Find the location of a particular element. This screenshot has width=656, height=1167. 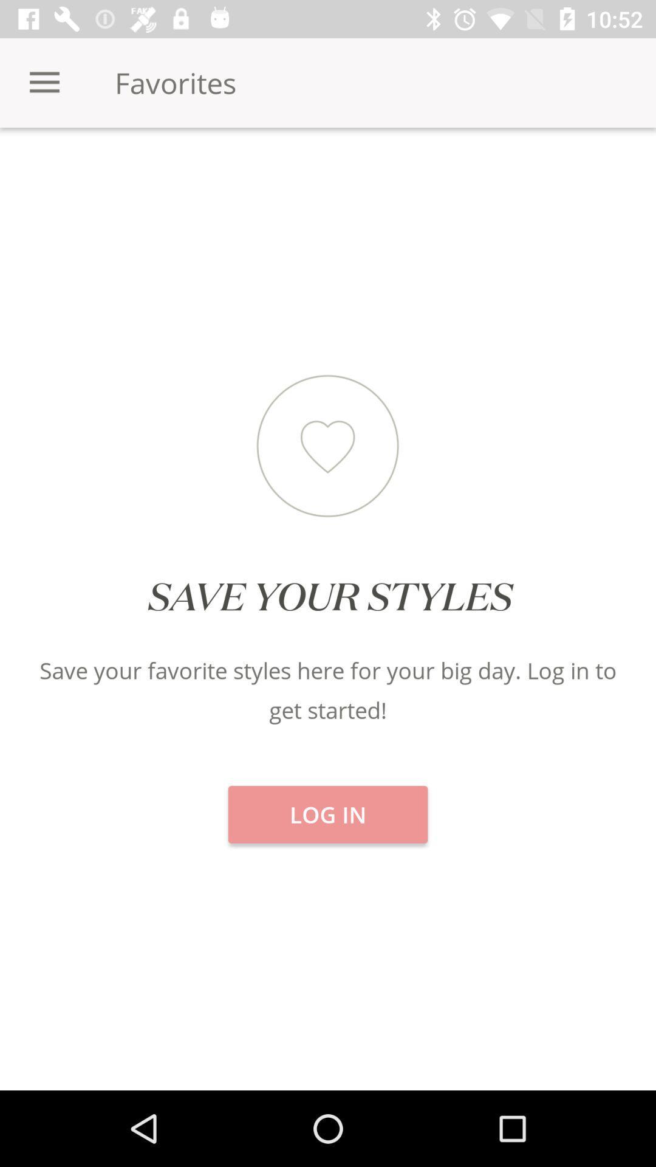

icon next to brands icon is located at coordinates (328, 170).